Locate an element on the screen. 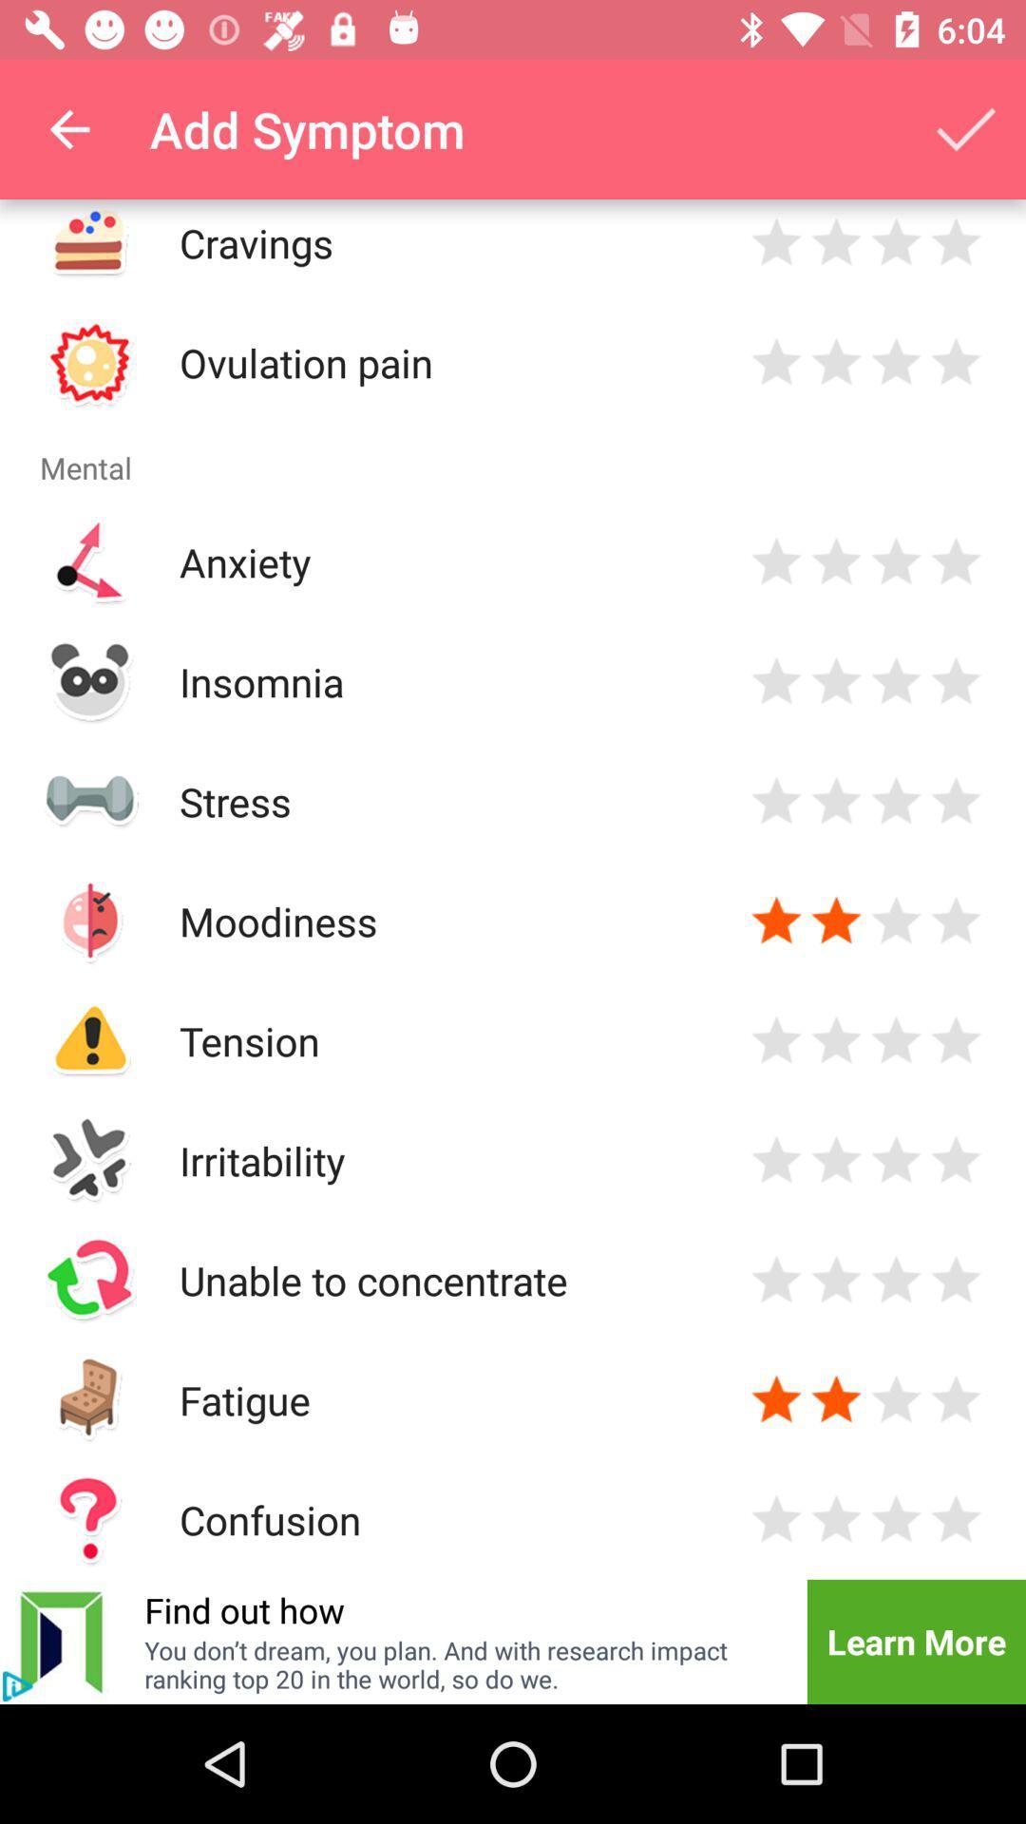 The width and height of the screenshot is (1026, 1824). three stars is located at coordinates (896, 362).